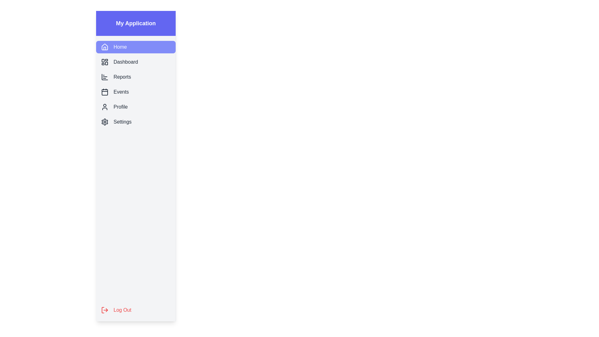 Image resolution: width=599 pixels, height=337 pixels. I want to click on the sixth navigation button in the vertical menu on the left side of the interface, so click(135, 122).